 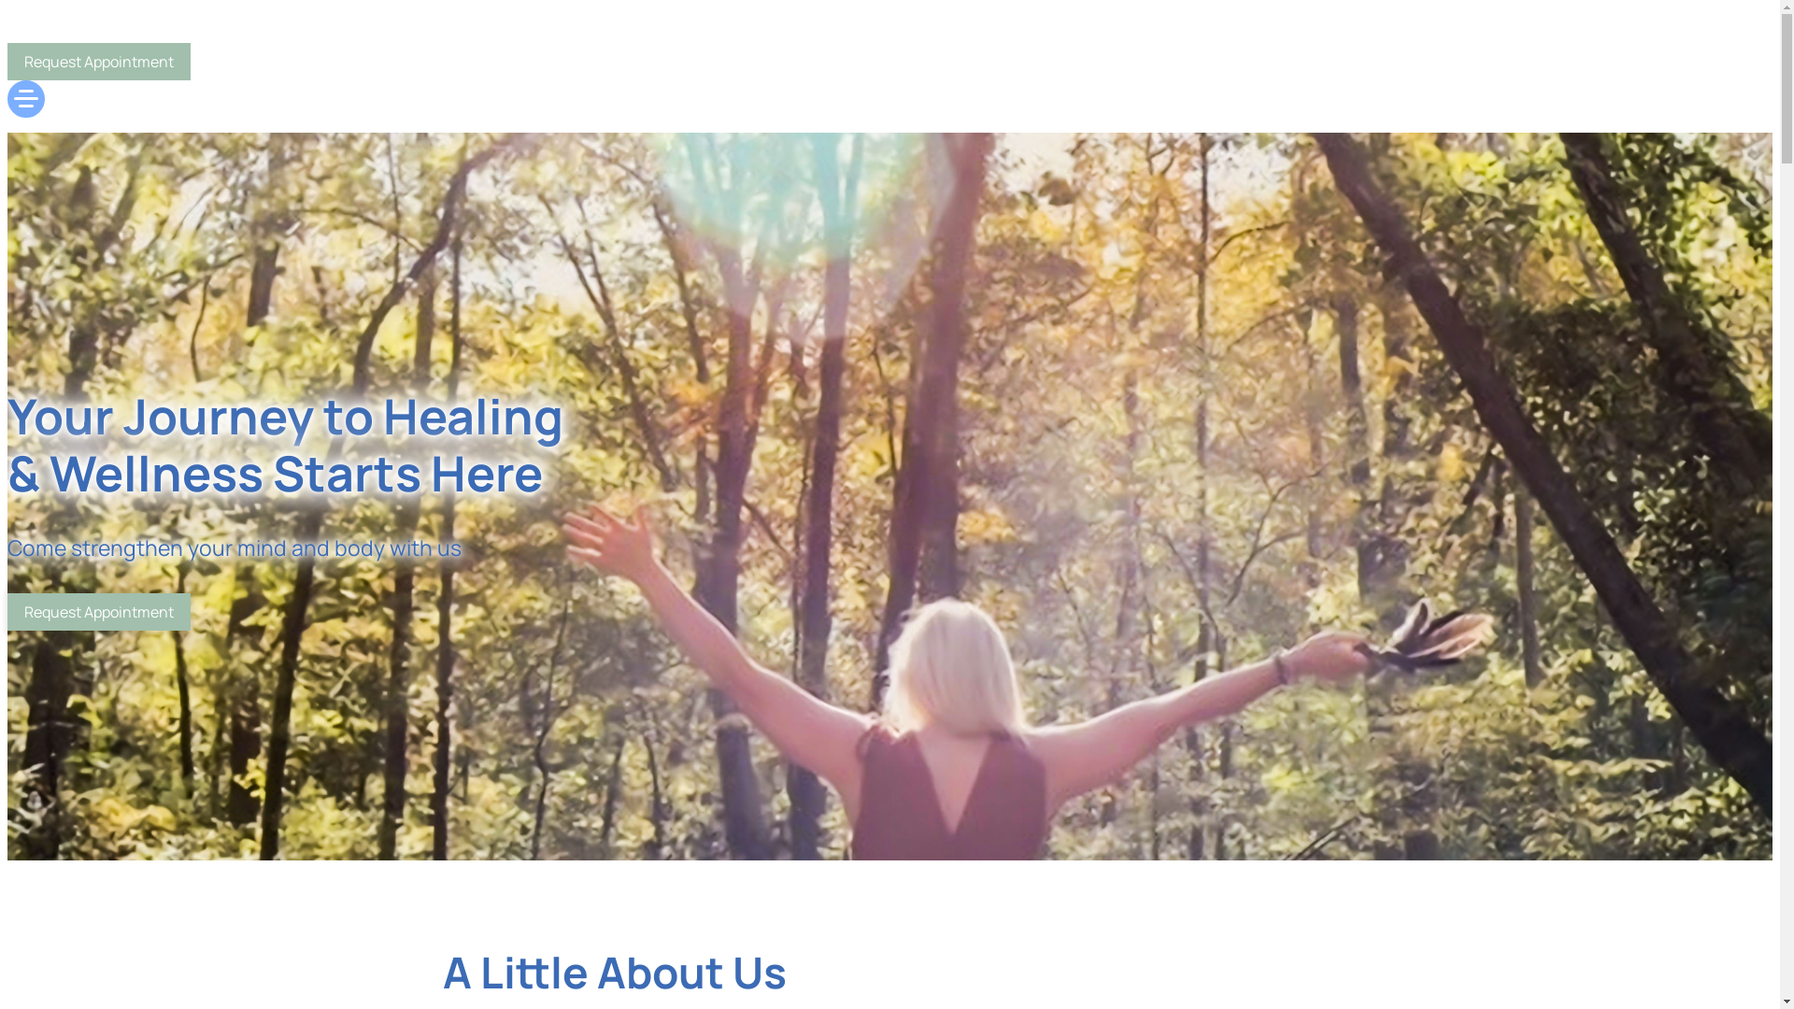 I want to click on 'Request Appointment', so click(x=7, y=60).